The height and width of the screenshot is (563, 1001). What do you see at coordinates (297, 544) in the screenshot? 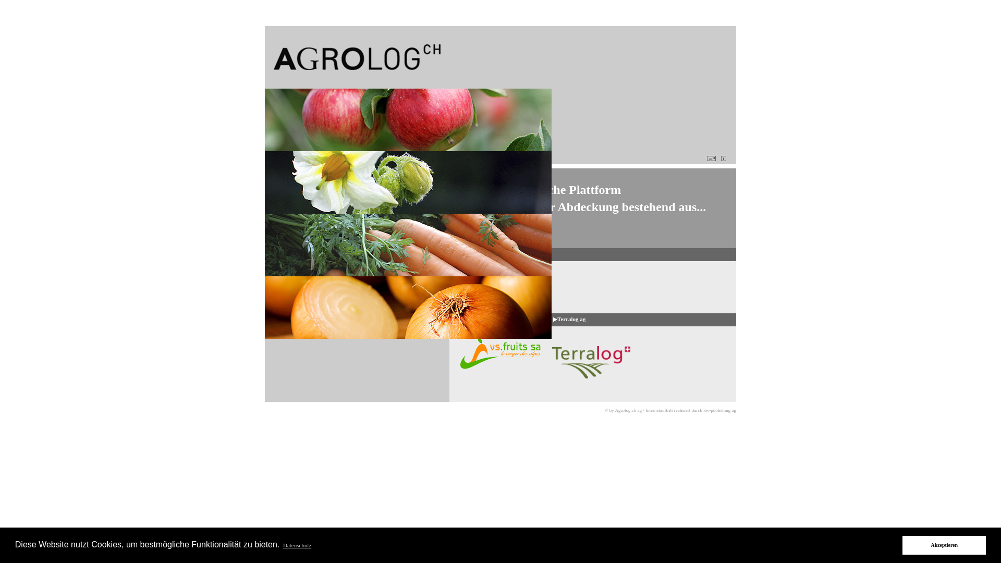
I see `'Datenschutz'` at bounding box center [297, 544].